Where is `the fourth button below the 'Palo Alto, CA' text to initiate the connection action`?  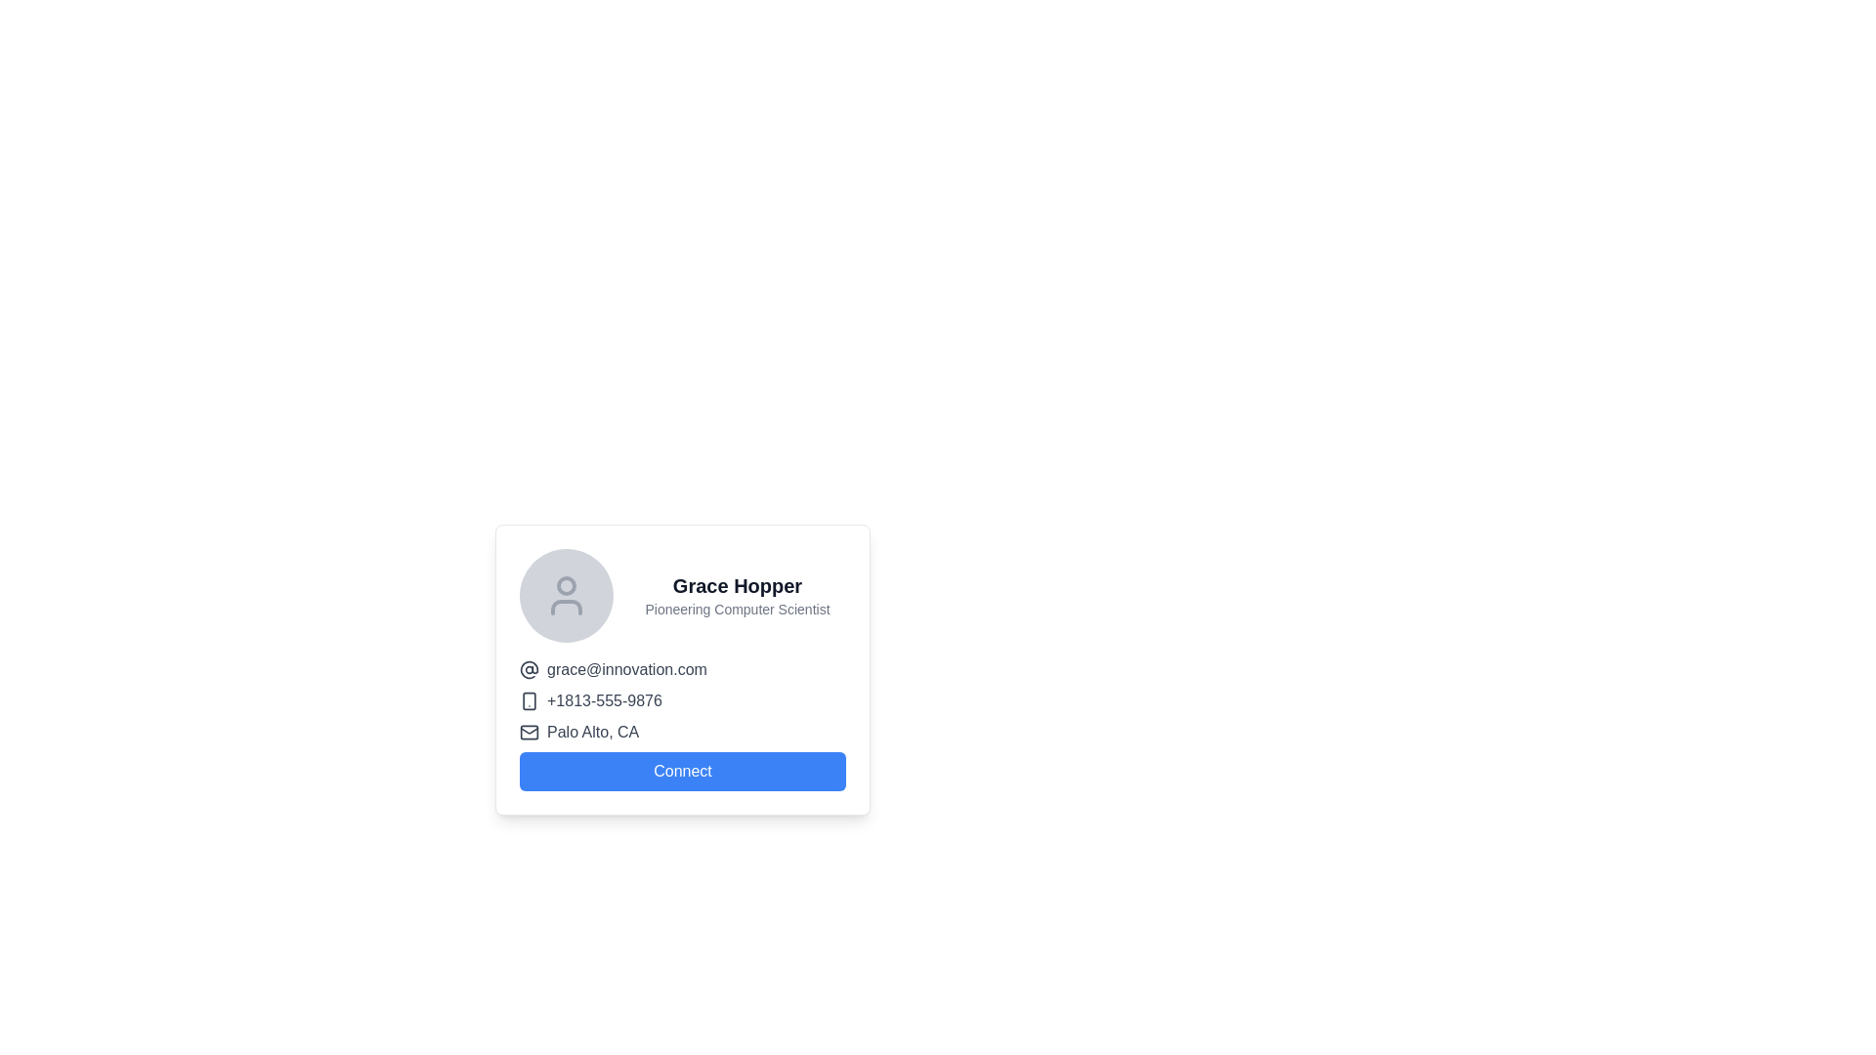 the fourth button below the 'Palo Alto, CA' text to initiate the connection action is located at coordinates (683, 771).